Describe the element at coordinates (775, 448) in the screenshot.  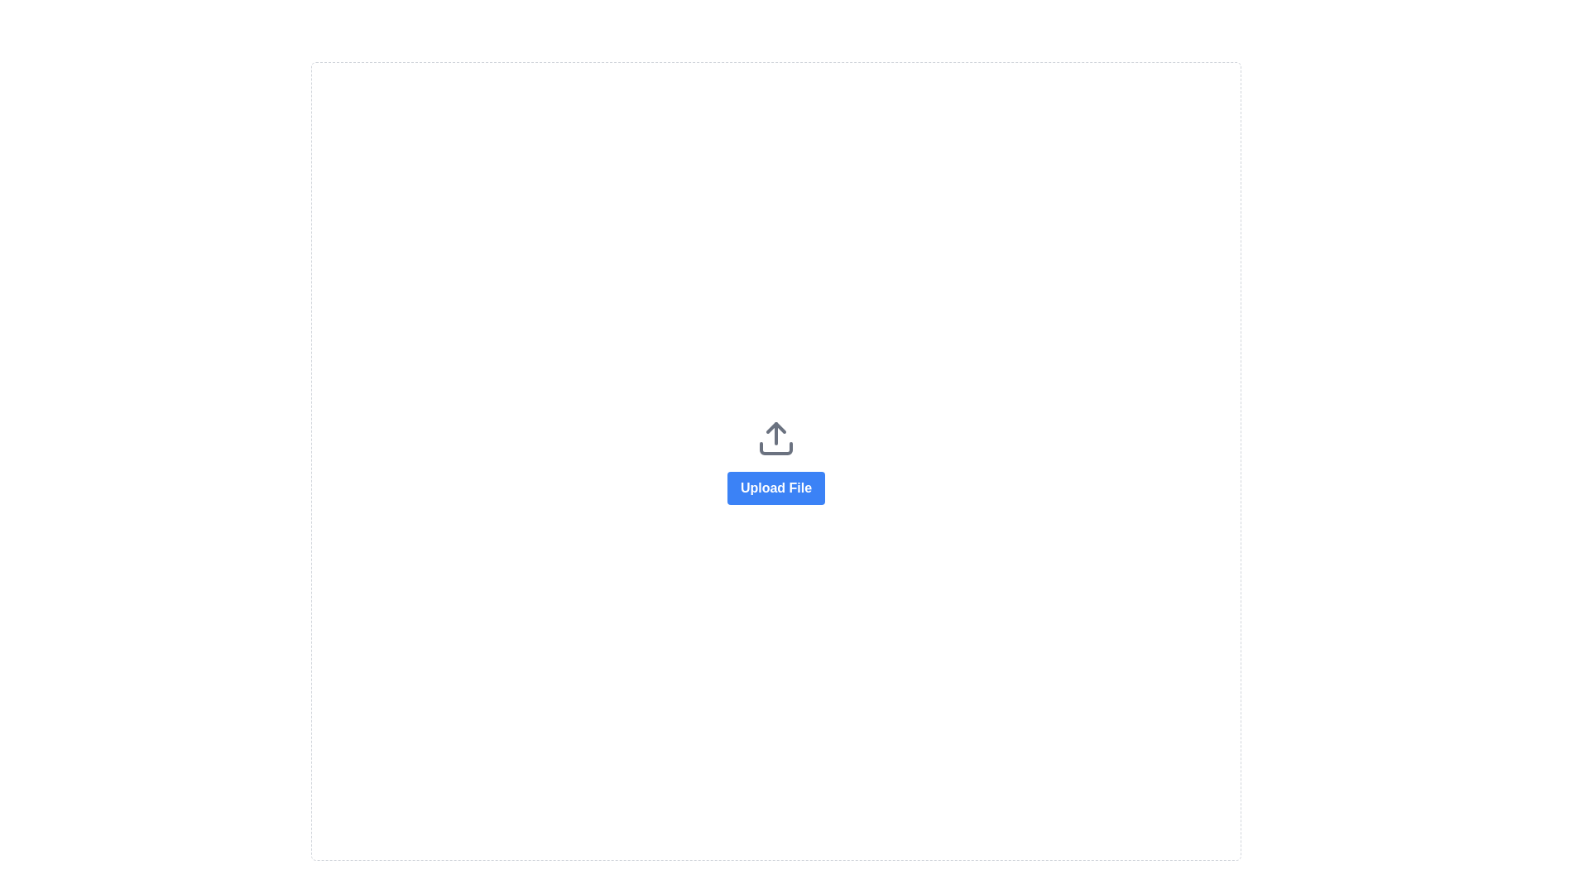
I see `the visual representation of the gray rectangular tray-like icon component located centrally below the upward-pointing arrow` at that location.